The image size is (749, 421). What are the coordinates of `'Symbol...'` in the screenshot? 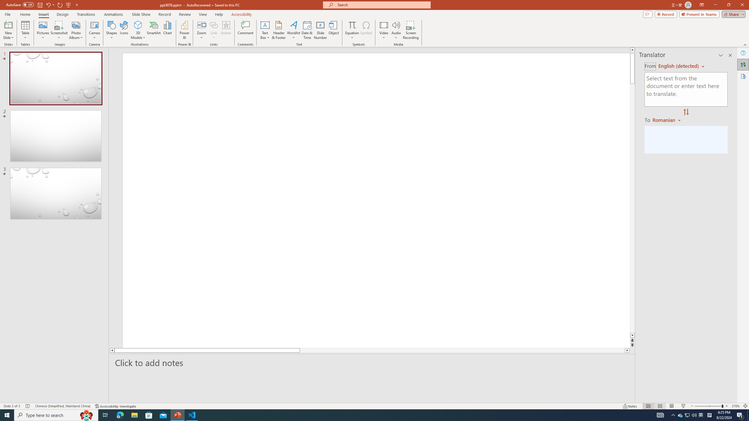 It's located at (366, 30).